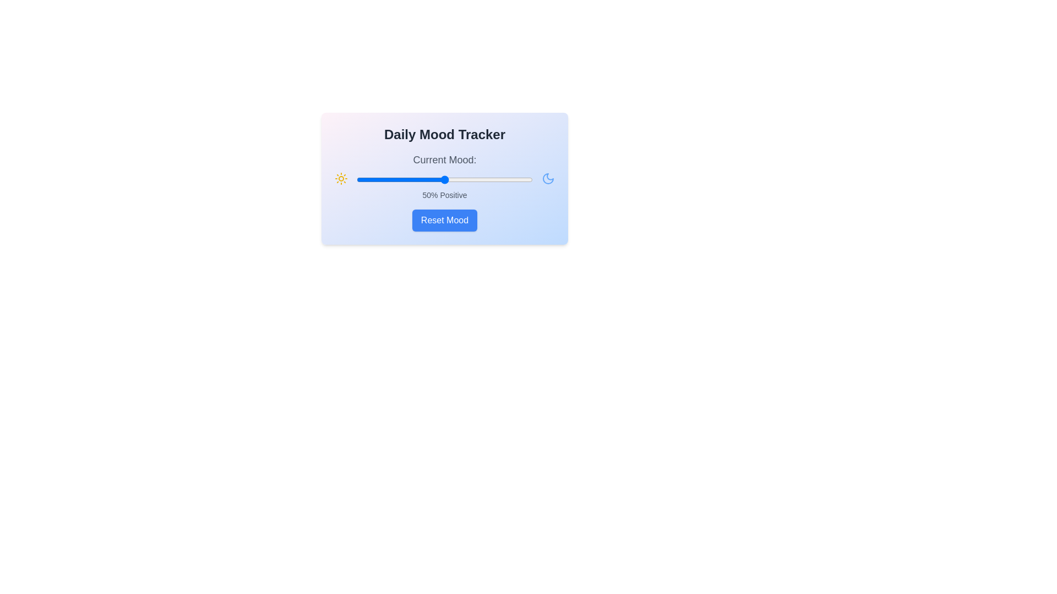 The image size is (1057, 594). What do you see at coordinates (520, 179) in the screenshot?
I see `mood rating` at bounding box center [520, 179].